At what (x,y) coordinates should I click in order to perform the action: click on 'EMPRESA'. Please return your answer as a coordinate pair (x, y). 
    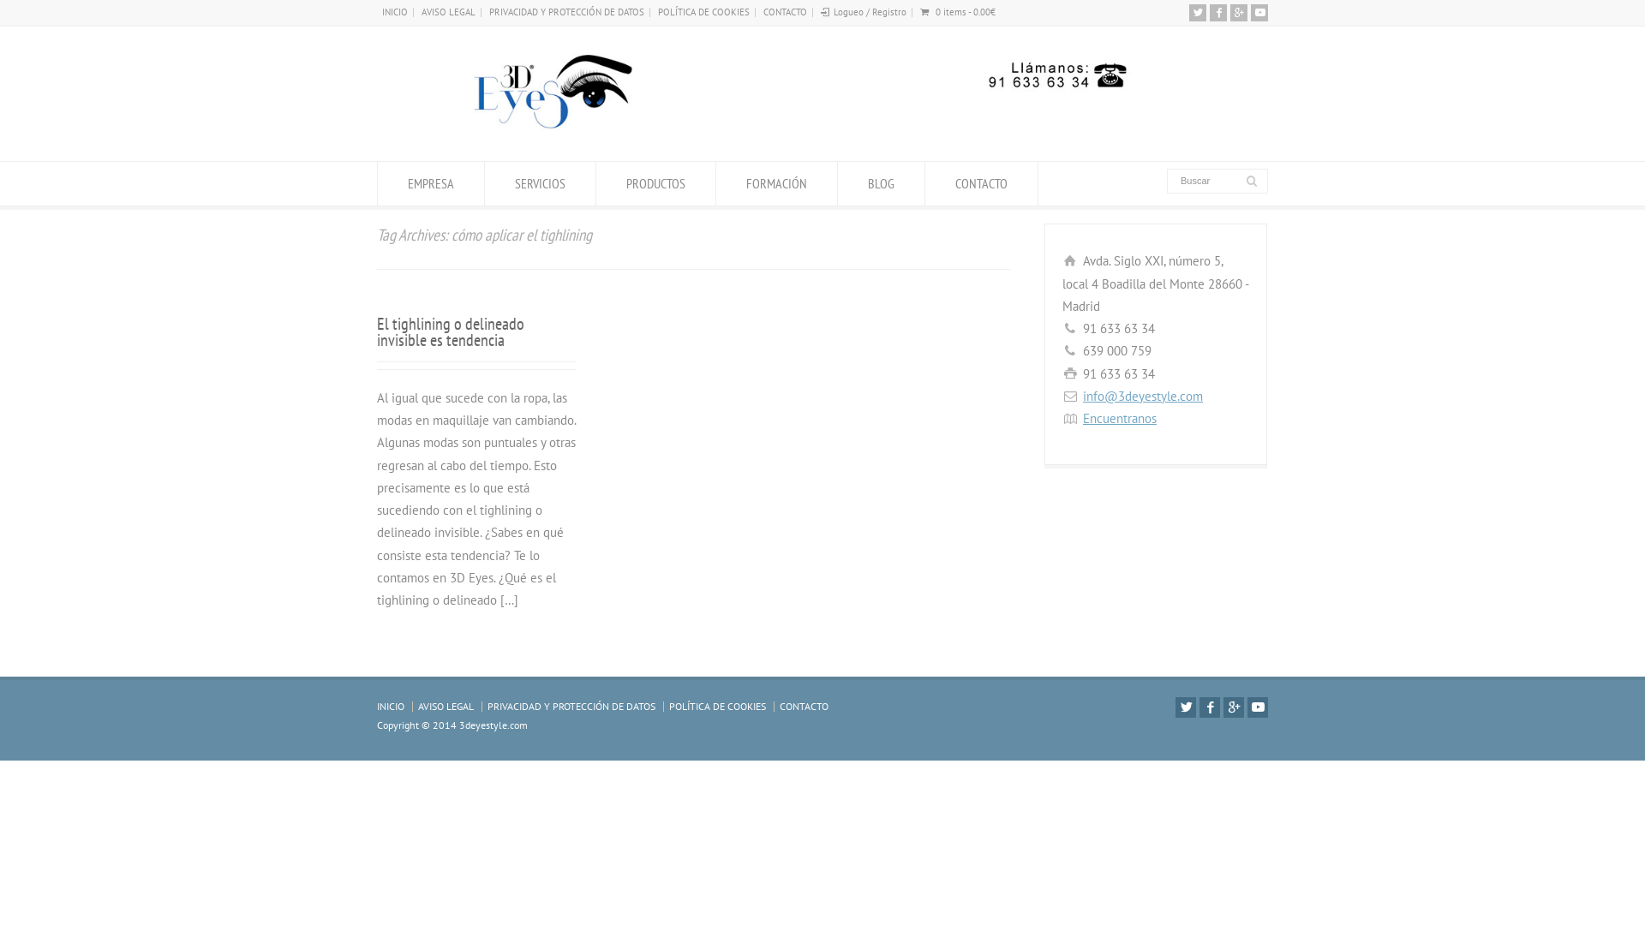
    Looking at the image, I should click on (377, 183).